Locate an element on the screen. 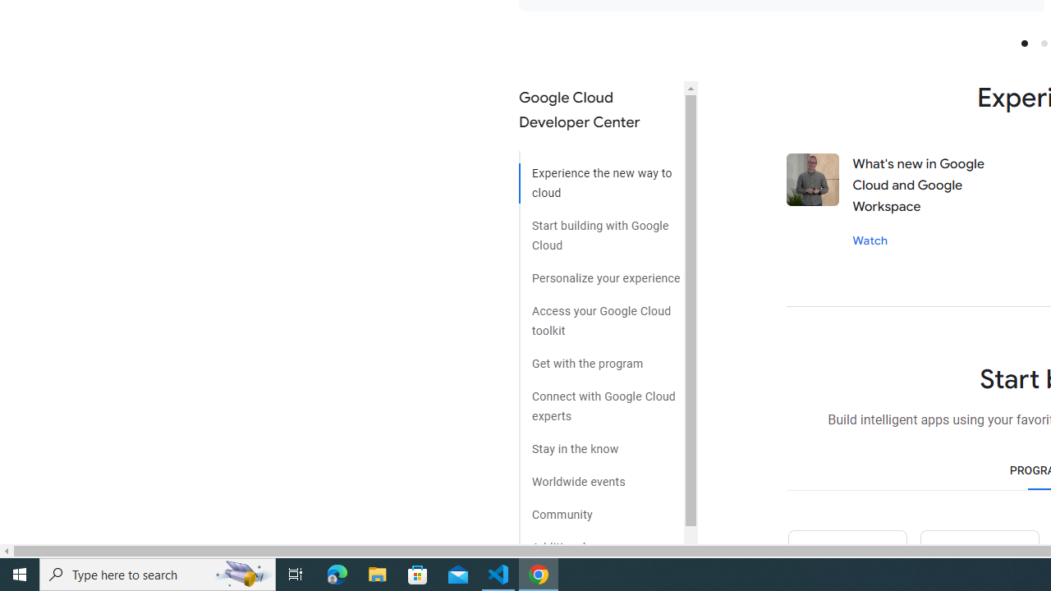  'Watch' is located at coordinates (869, 240).